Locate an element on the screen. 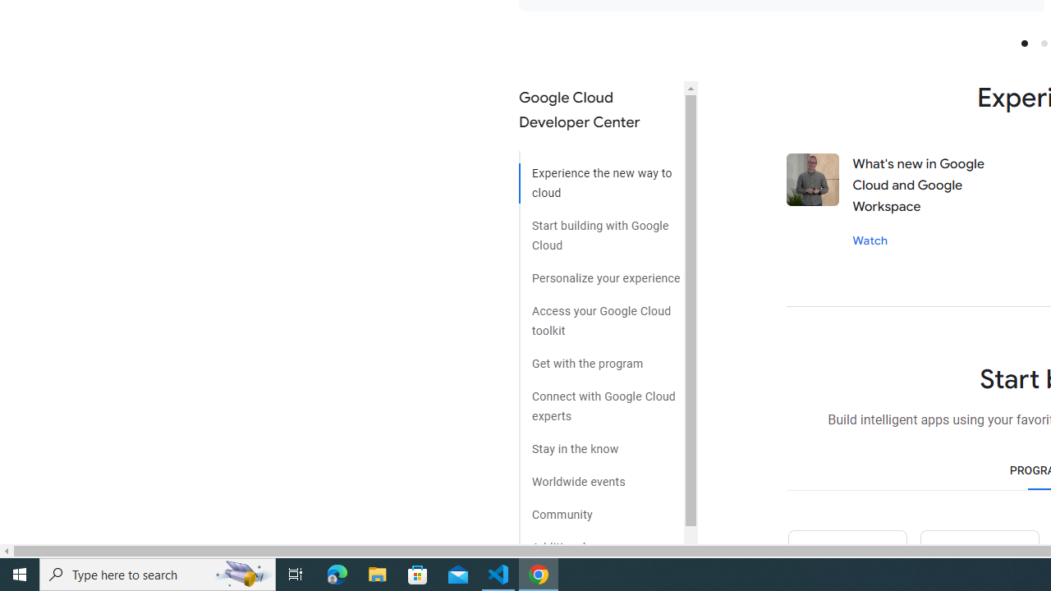  'Watch' is located at coordinates (869, 240).